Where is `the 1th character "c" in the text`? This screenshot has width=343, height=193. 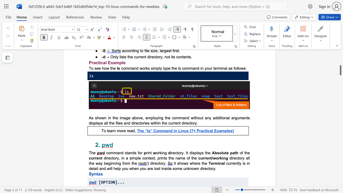
the 1th character "c" in the text is located at coordinates (173, 117).